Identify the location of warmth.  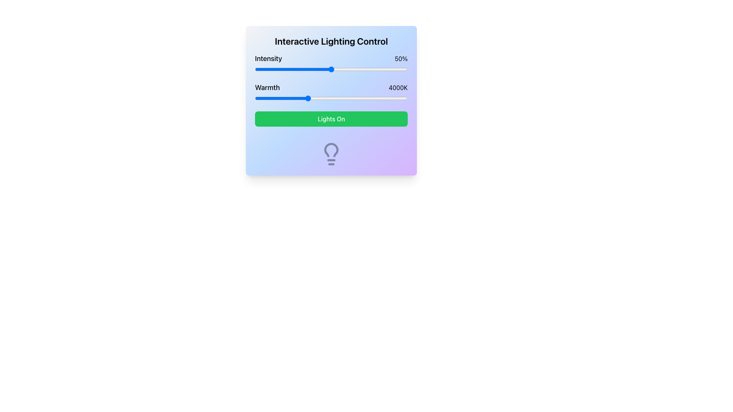
(292, 98).